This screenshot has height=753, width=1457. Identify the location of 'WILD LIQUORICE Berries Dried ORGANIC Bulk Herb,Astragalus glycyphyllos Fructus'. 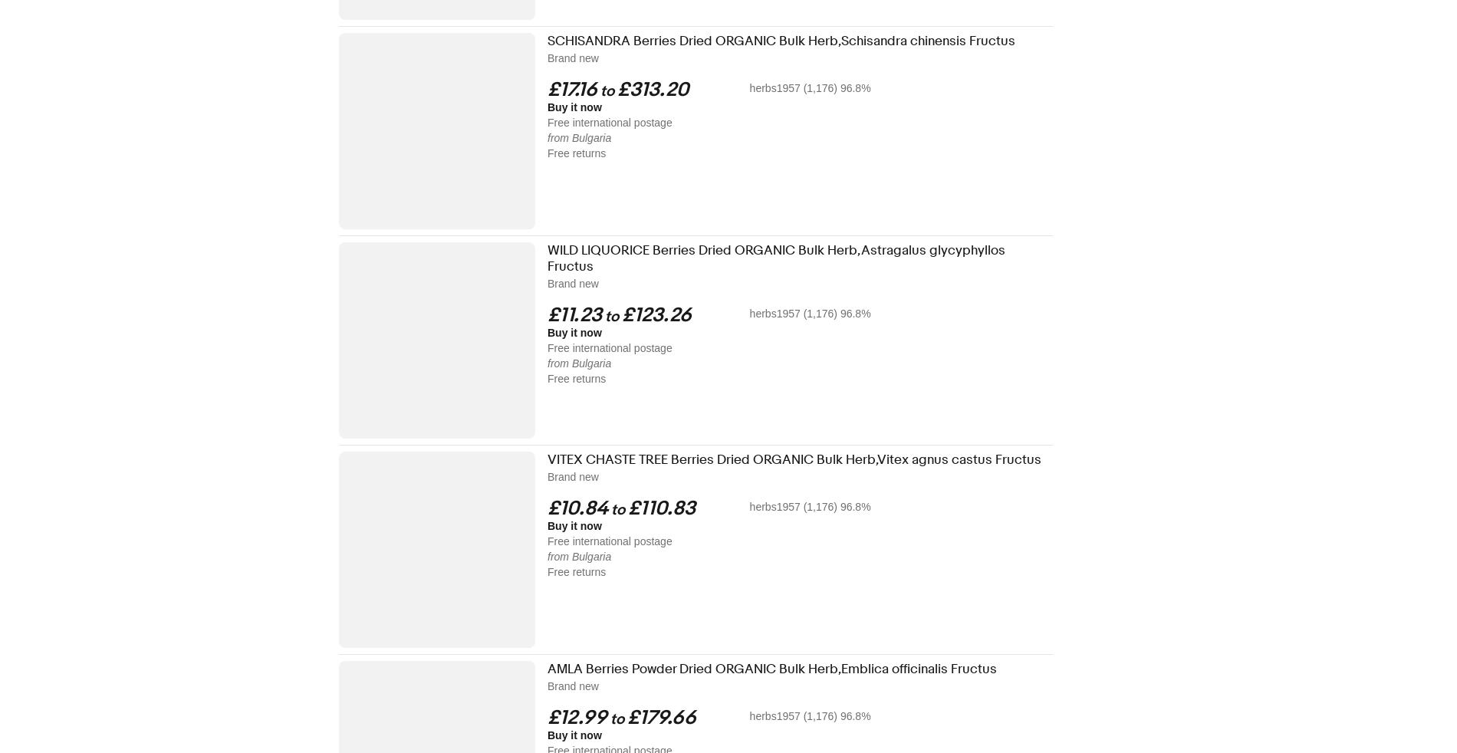
(776, 258).